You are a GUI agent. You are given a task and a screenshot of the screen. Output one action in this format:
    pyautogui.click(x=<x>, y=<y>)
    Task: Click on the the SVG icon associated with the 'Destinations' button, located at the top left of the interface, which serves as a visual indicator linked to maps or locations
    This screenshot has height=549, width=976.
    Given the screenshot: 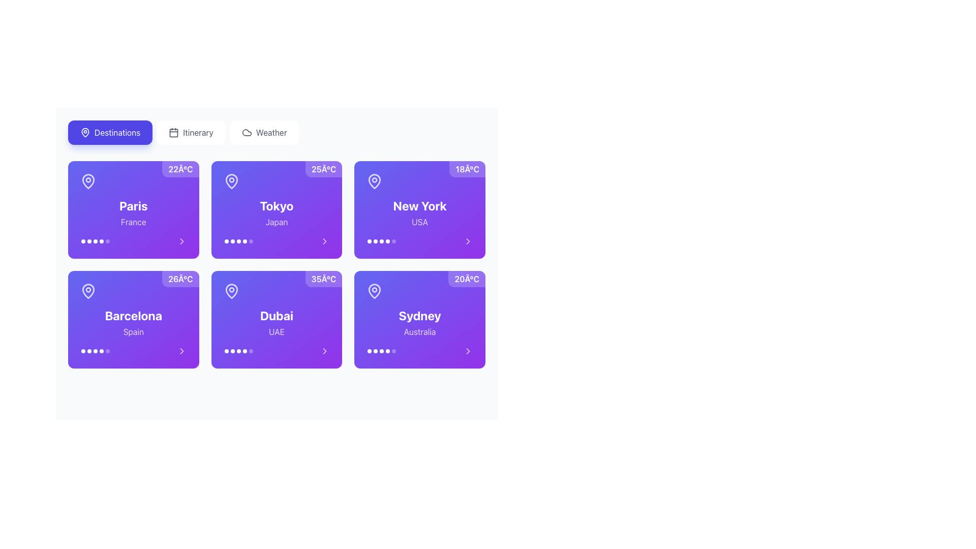 What is the action you would take?
    pyautogui.click(x=85, y=132)
    